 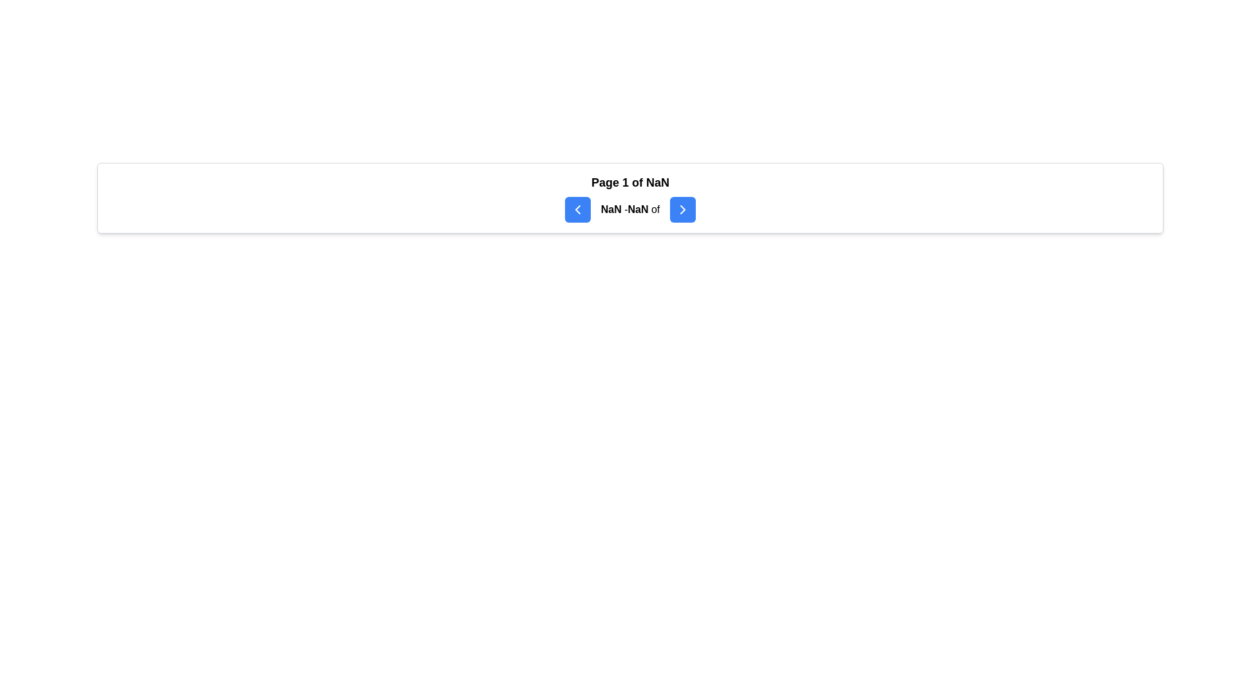 What do you see at coordinates (682, 209) in the screenshot?
I see `the blue circular button with a rightward-pointing chevron icon located on the far right of the navigation control section below 'Page 1 of NaN.'` at bounding box center [682, 209].